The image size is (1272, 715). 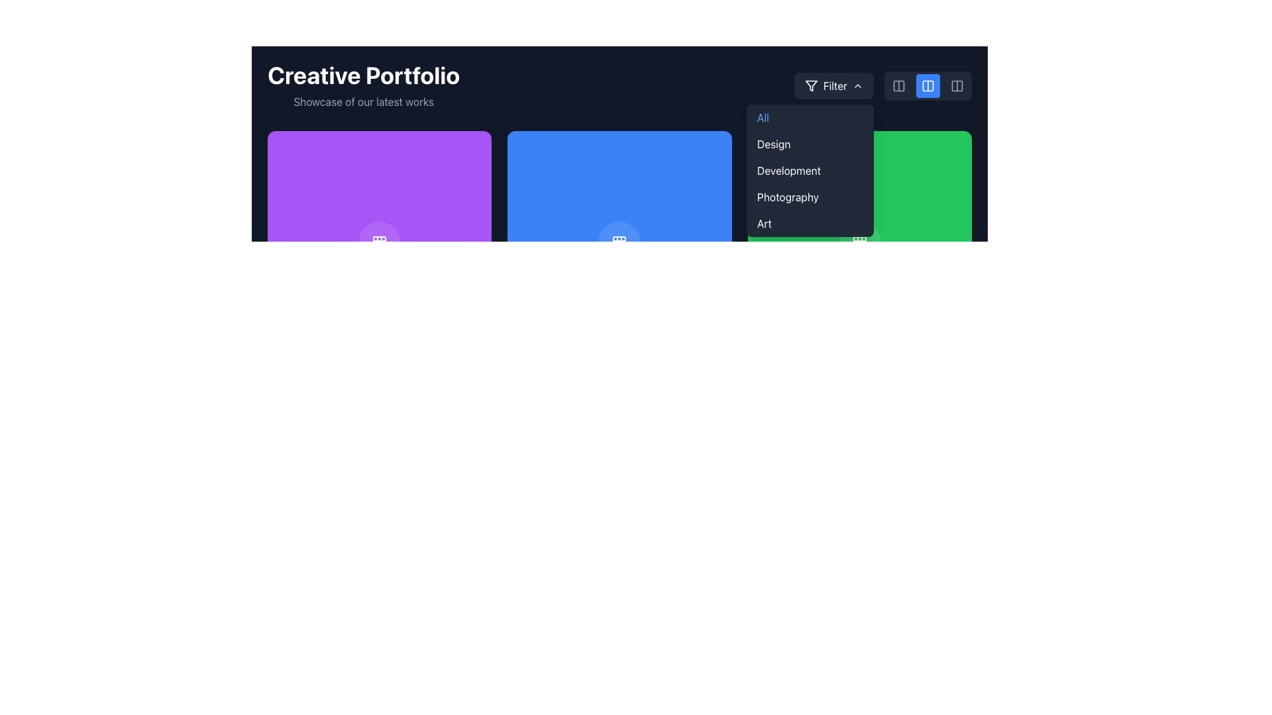 What do you see at coordinates (619, 243) in the screenshot?
I see `the grid icon inside the circular button located at the center of the blue card` at bounding box center [619, 243].